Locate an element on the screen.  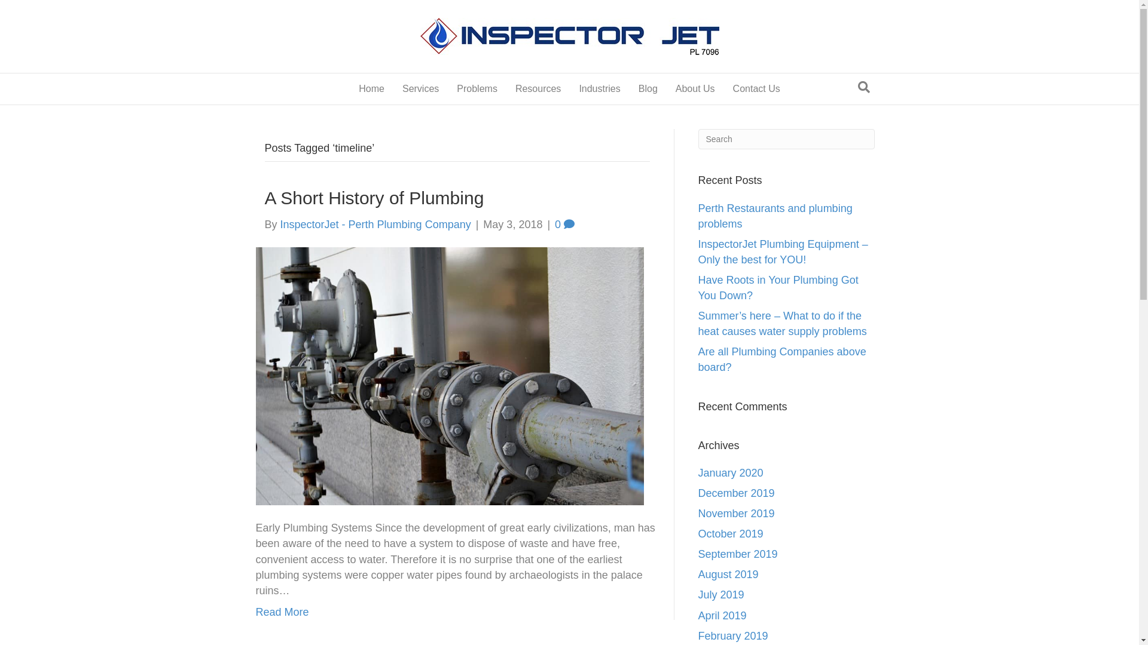
'Problems' is located at coordinates (476, 88).